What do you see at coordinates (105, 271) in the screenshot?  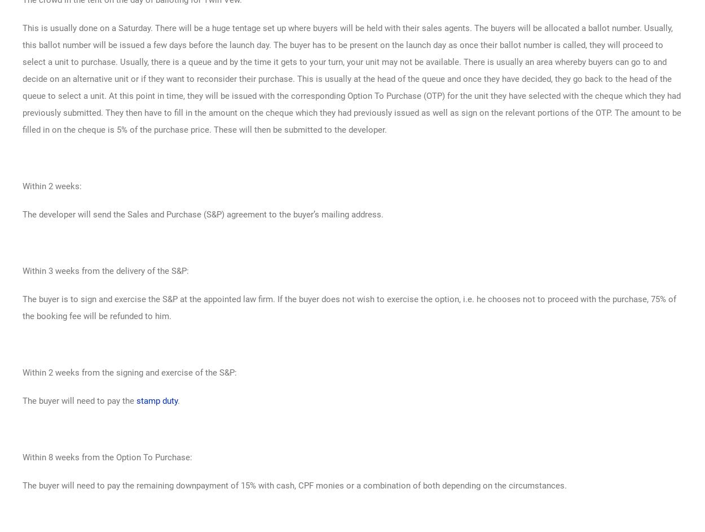 I see `'Within 3 weeks from the delivery of the S&P:'` at bounding box center [105, 271].